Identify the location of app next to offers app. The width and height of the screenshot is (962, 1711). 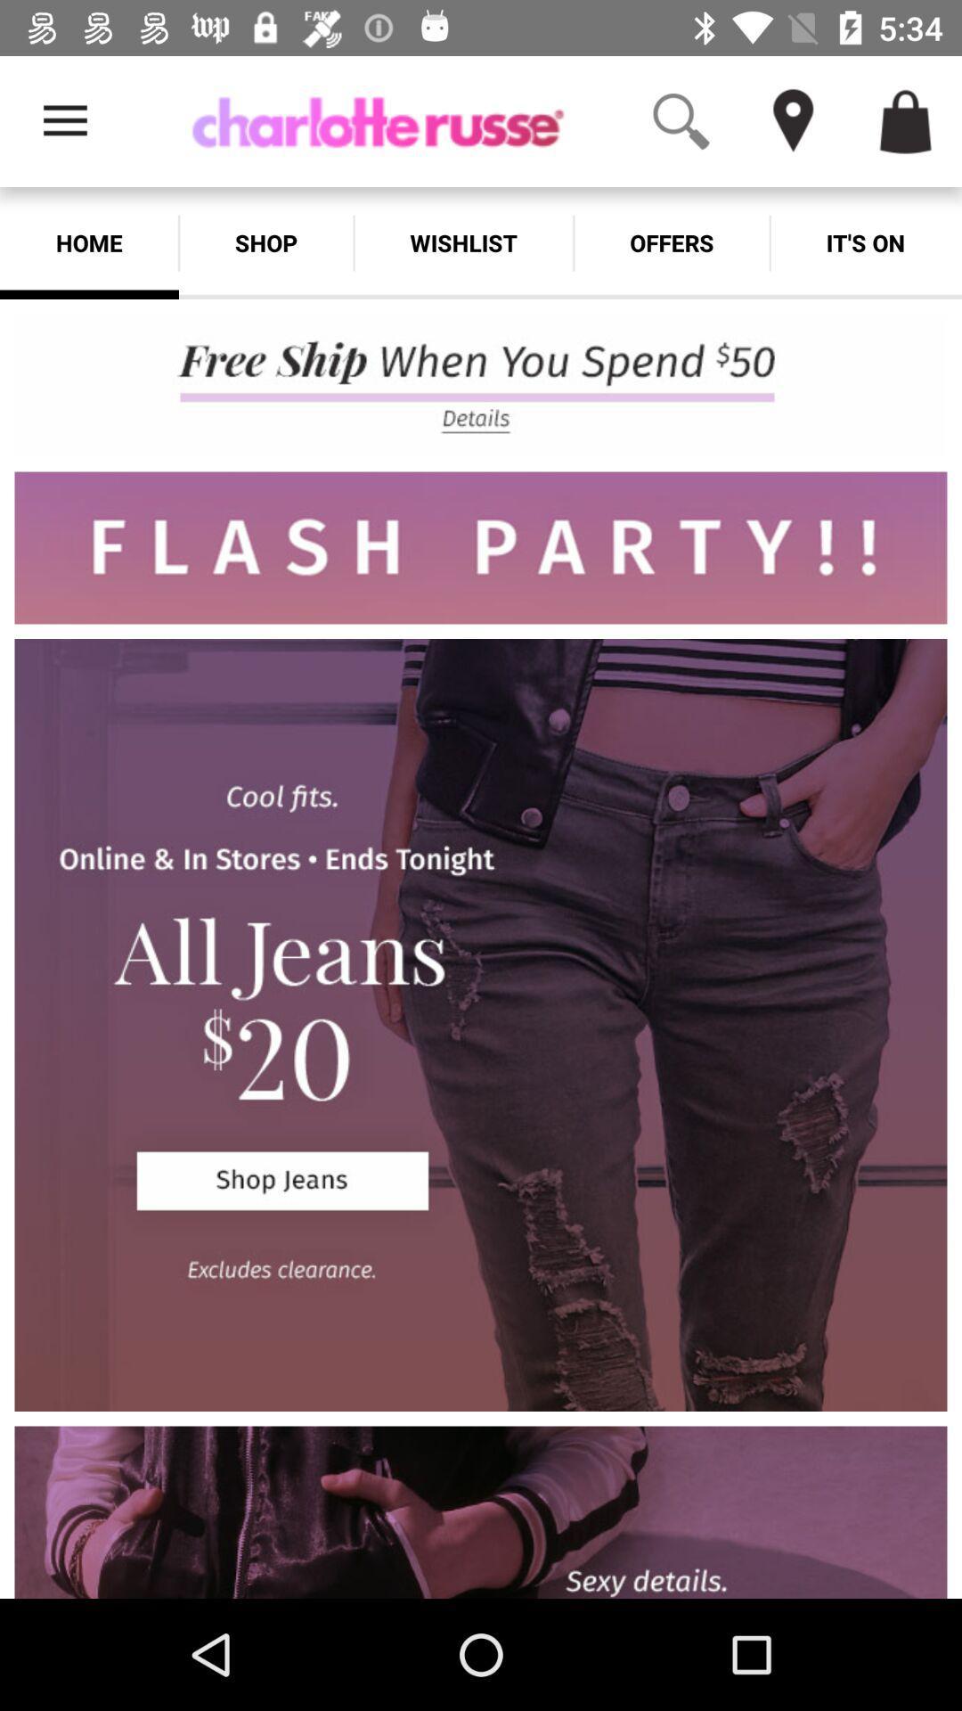
(462, 242).